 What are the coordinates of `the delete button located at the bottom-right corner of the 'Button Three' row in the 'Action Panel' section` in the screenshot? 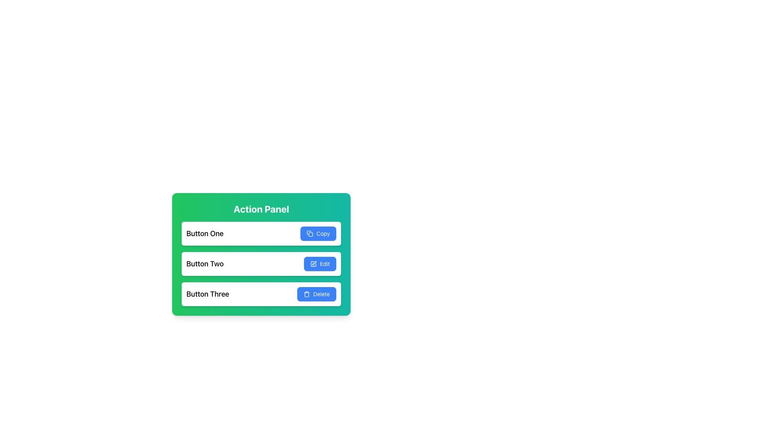 It's located at (316, 294).